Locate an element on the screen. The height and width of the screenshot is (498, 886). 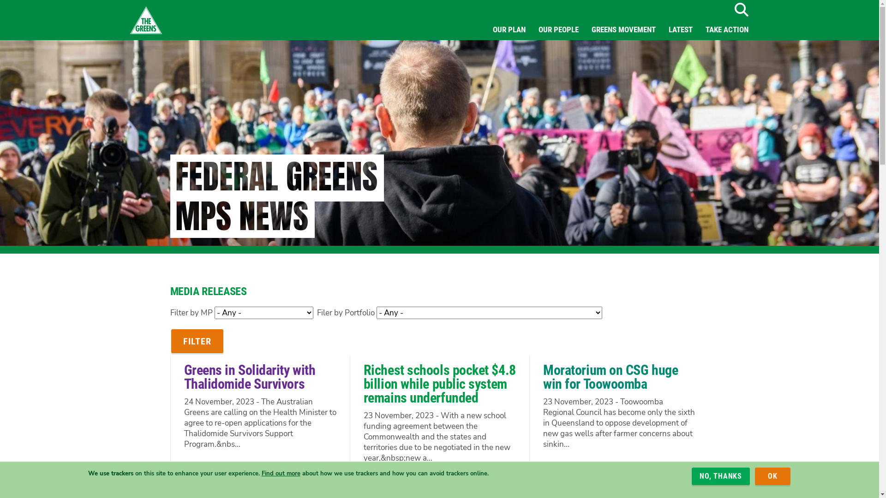
'GREENS MOVEMENT' is located at coordinates (623, 29).